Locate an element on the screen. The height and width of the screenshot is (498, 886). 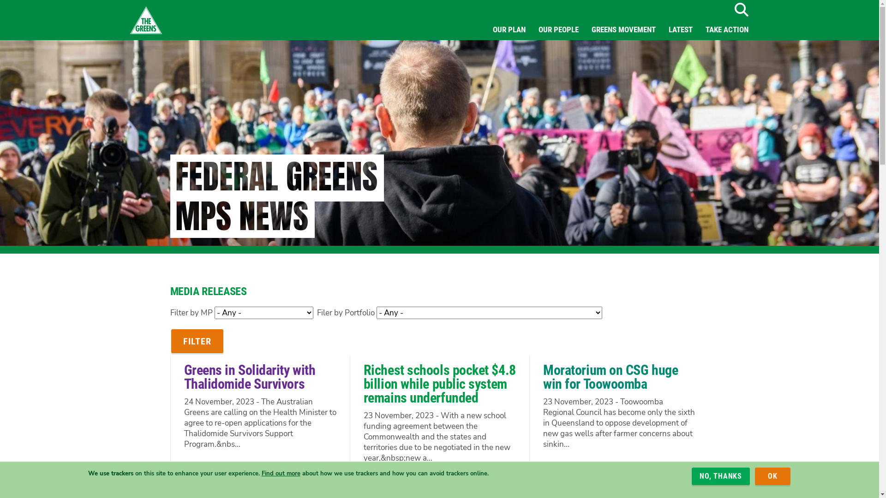
'GREENS MOVEMENT' is located at coordinates (623, 29).